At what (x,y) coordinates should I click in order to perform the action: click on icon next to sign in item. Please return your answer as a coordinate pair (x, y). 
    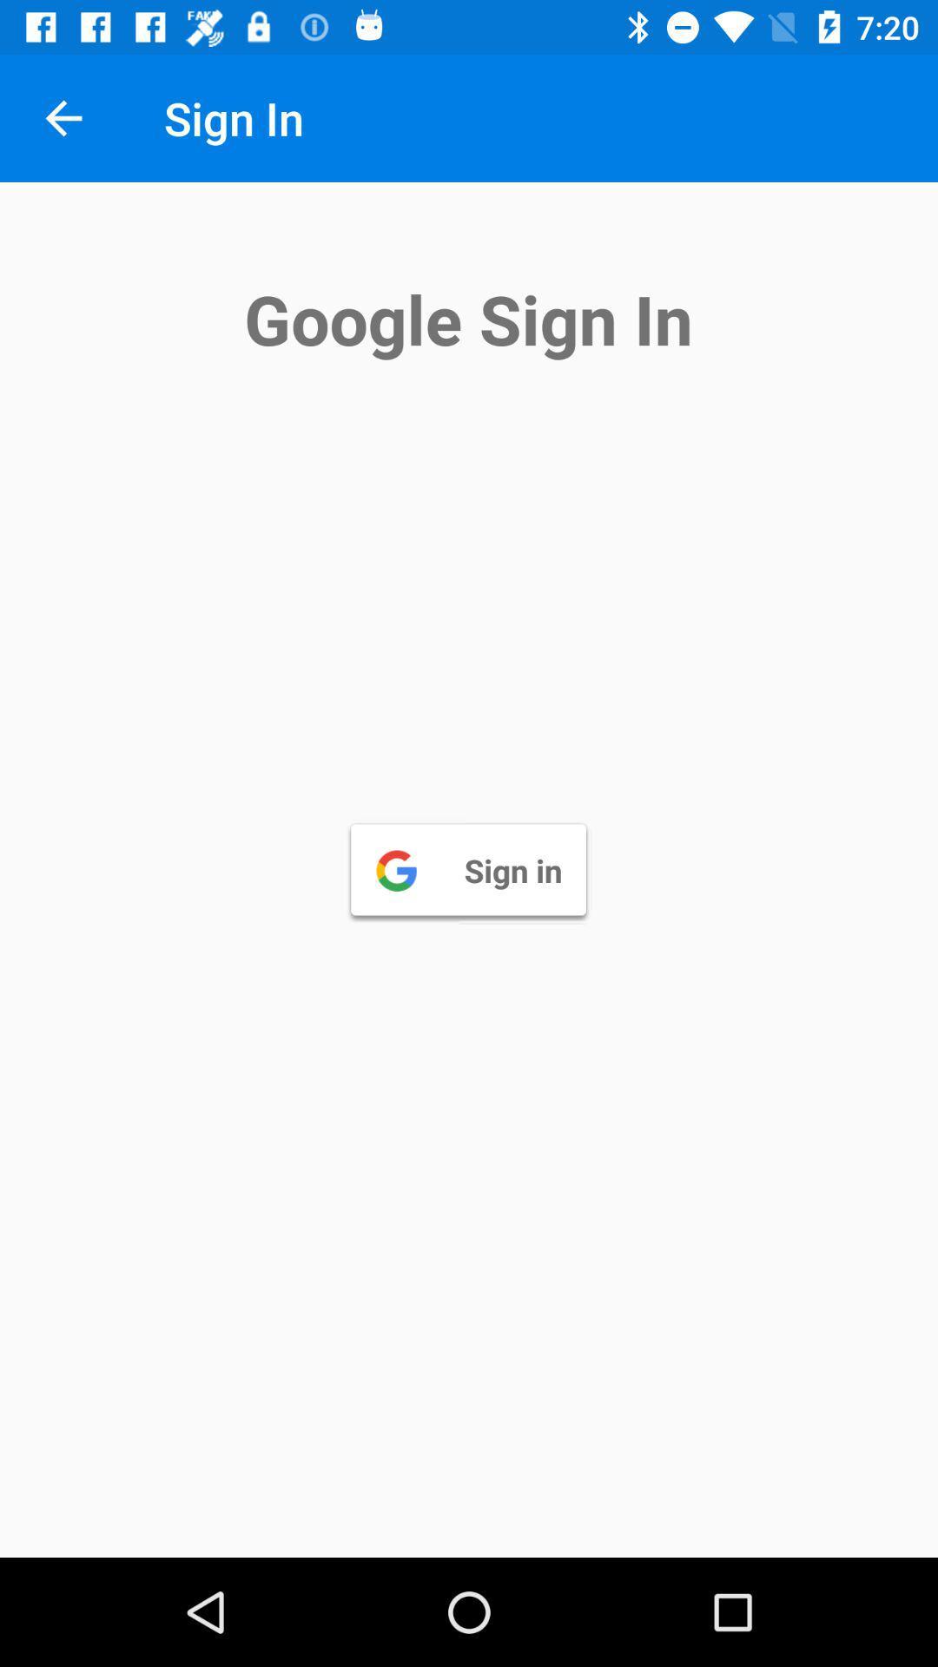
    Looking at the image, I should click on (63, 117).